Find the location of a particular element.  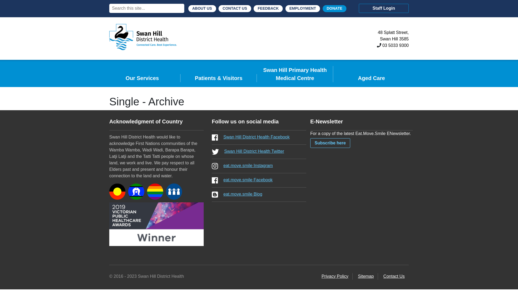

'Staff Login' is located at coordinates (383, 8).